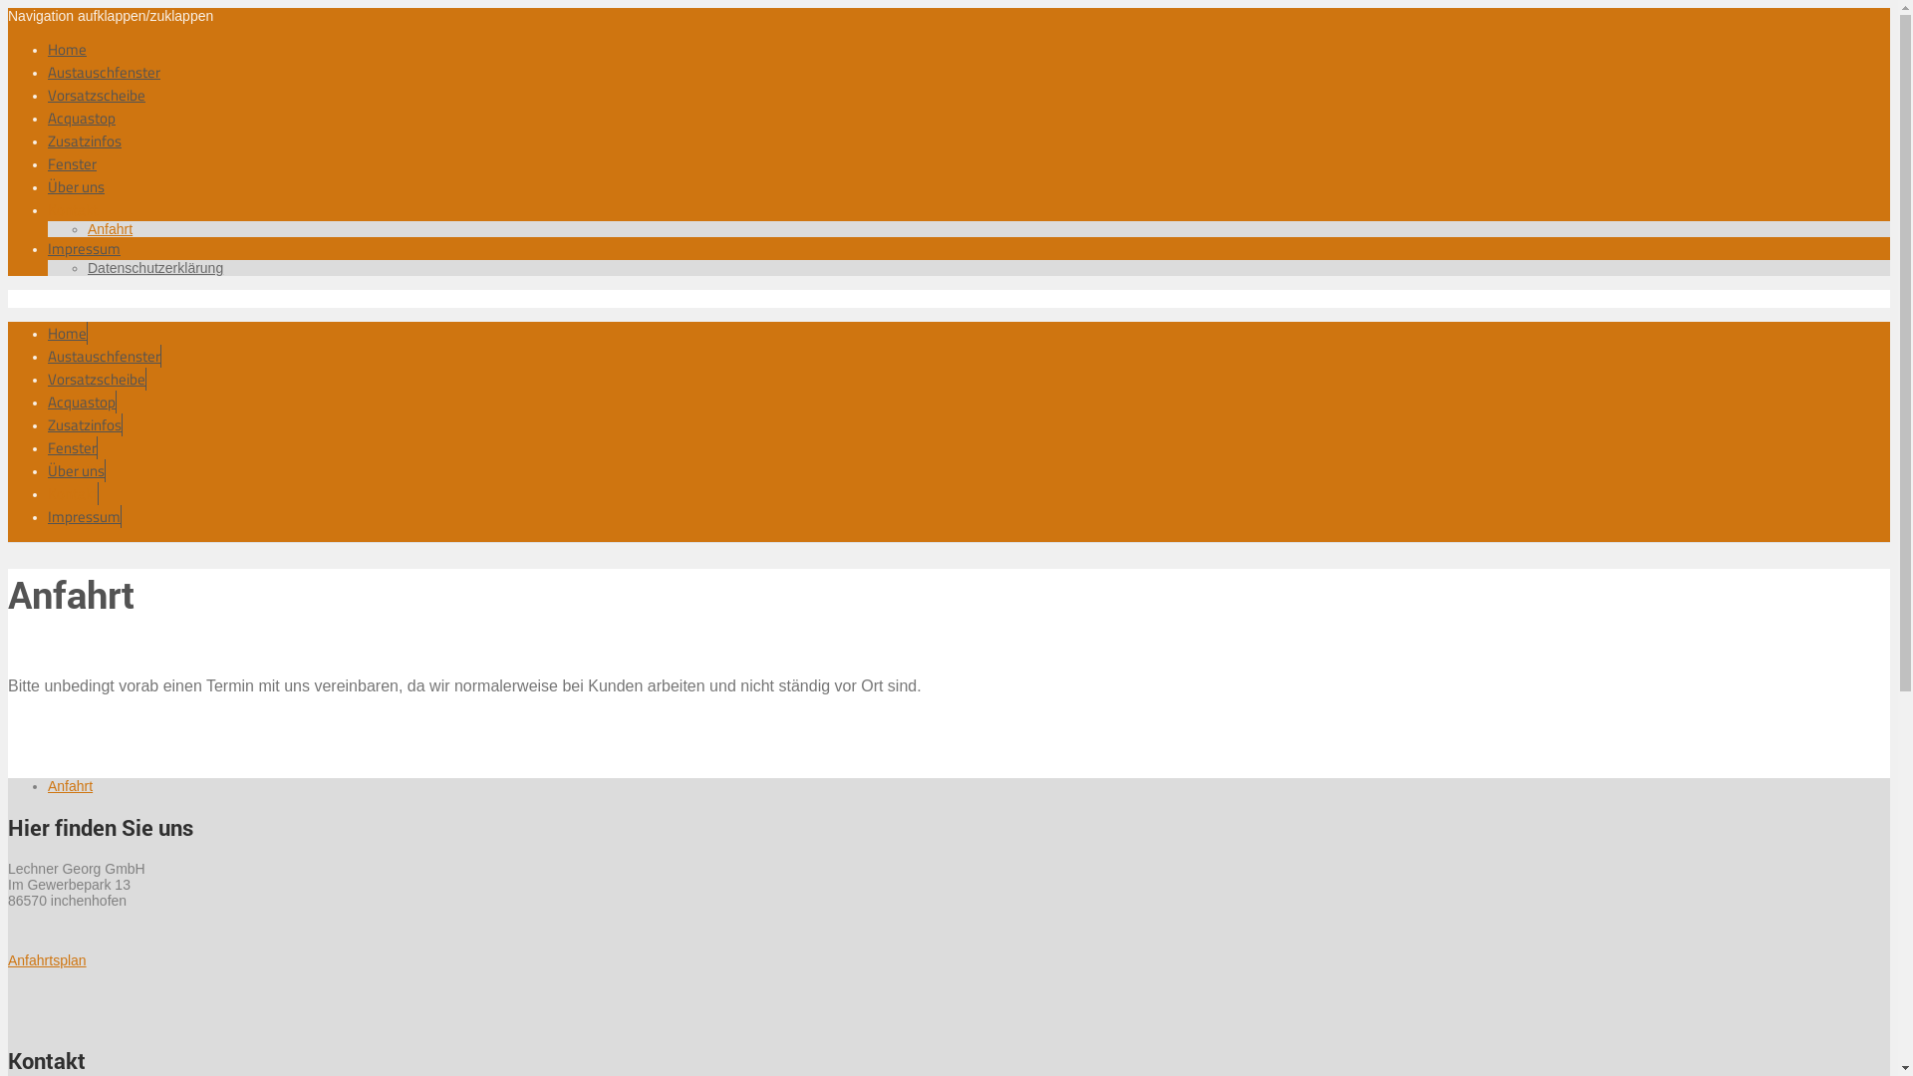 The image size is (1913, 1076). Describe the element at coordinates (80, 118) in the screenshot. I see `'Acquastop'` at that location.